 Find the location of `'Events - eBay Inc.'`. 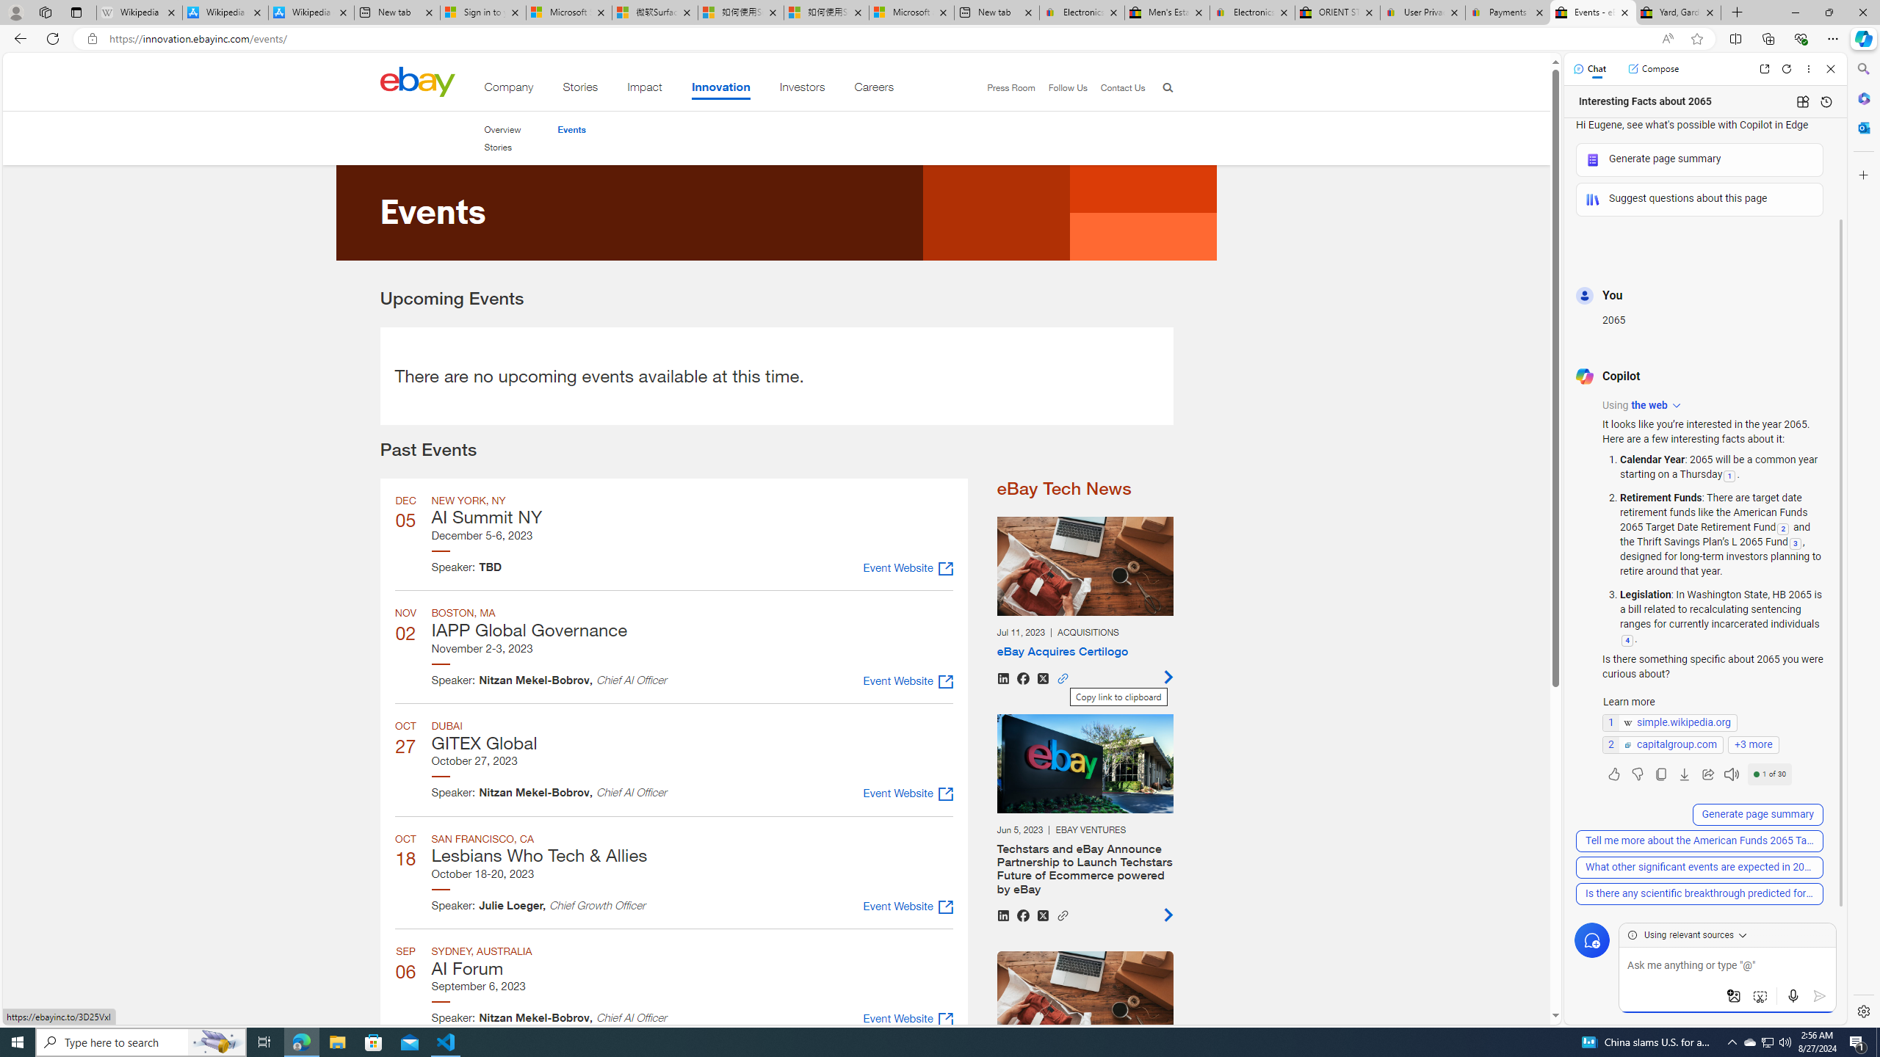

'Events - eBay Inc.' is located at coordinates (1592, 12).